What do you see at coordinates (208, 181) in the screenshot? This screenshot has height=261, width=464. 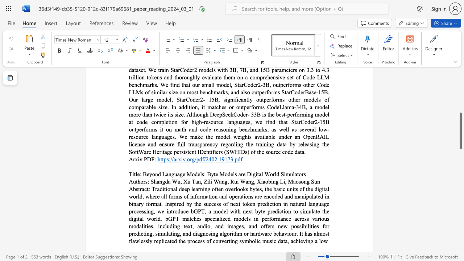 I see `the 1th character "i" in the text` at bounding box center [208, 181].